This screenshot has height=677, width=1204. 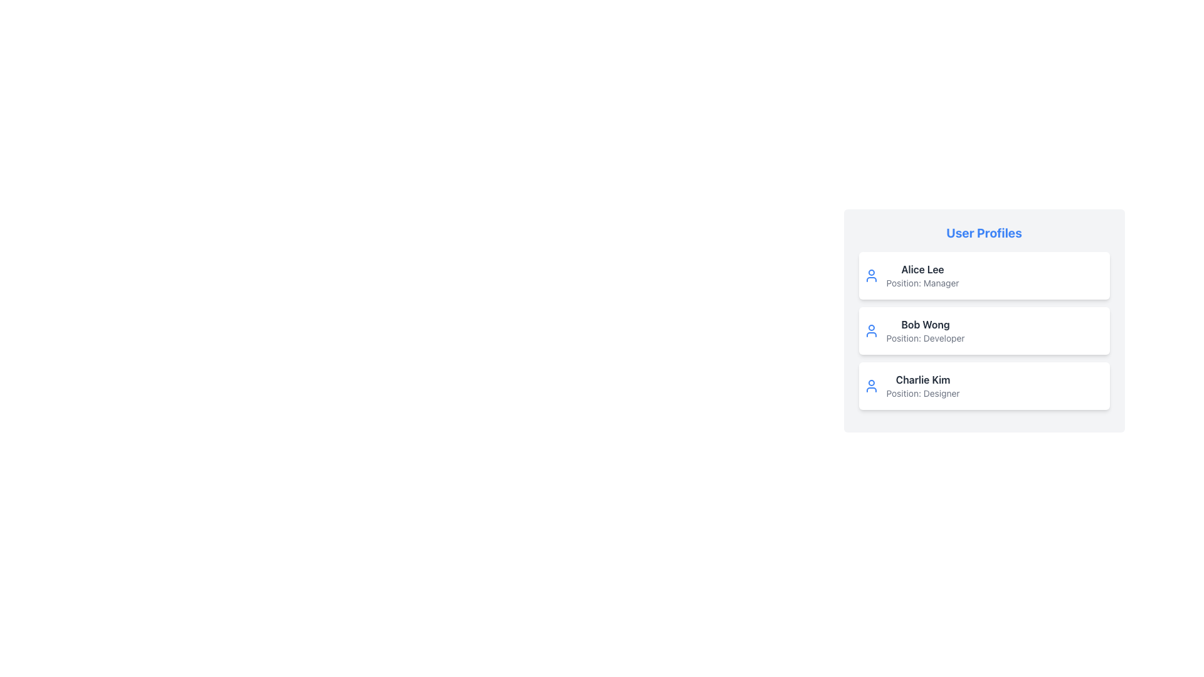 I want to click on the profile name text label at the top of the 'User Profiles' list, which identifies the profile above the text 'Position: Manager', so click(x=922, y=268).